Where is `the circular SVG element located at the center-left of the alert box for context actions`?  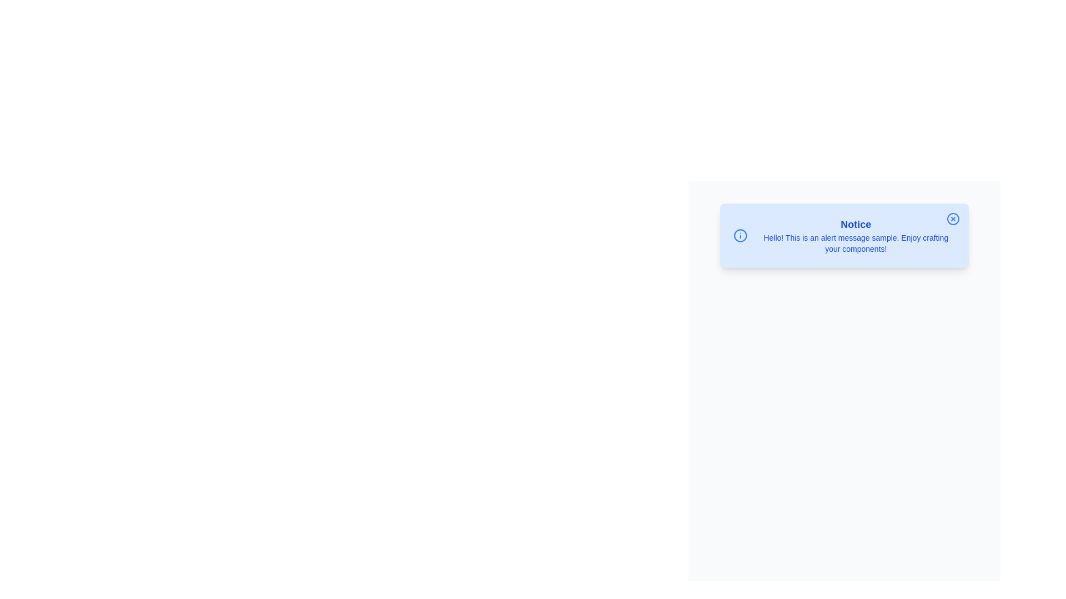 the circular SVG element located at the center-left of the alert box for context actions is located at coordinates (740, 235).